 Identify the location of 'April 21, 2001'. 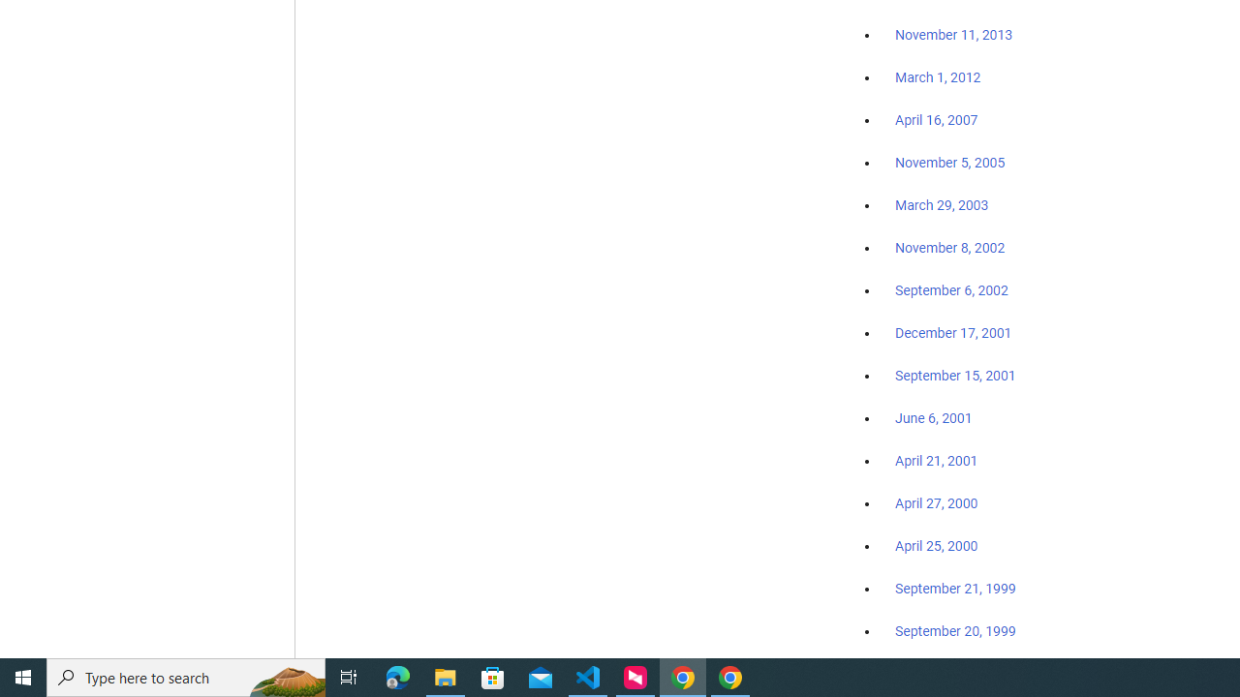
(937, 461).